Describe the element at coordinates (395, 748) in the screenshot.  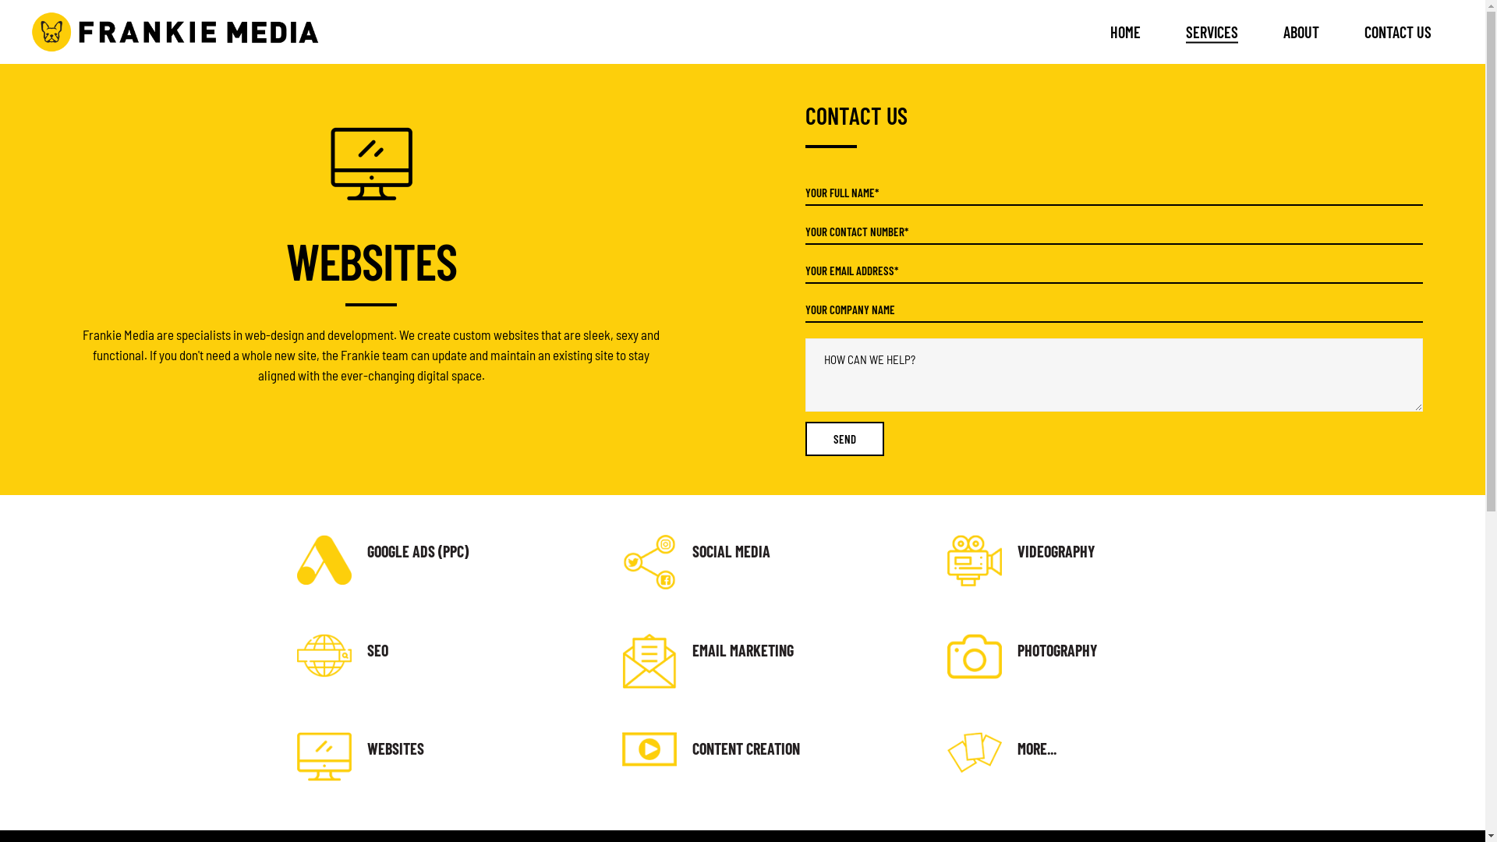
I see `'WEBSITES'` at that location.